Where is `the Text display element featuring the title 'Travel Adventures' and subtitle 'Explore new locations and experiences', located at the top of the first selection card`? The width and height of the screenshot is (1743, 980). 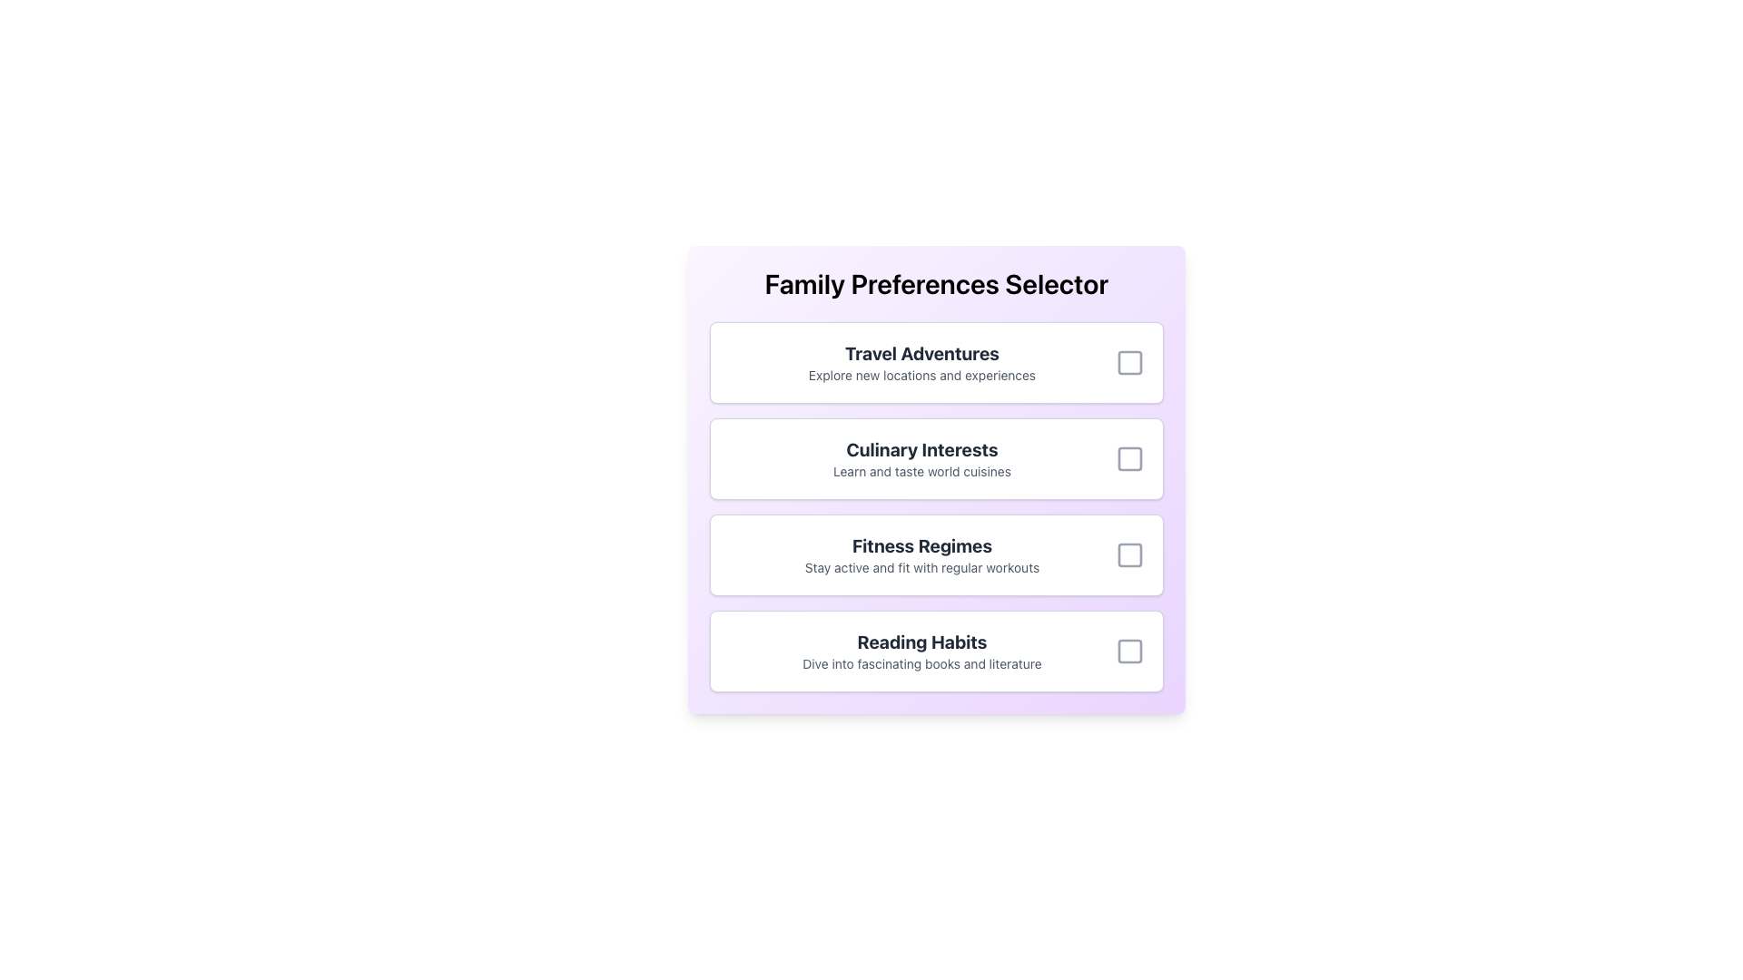 the Text display element featuring the title 'Travel Adventures' and subtitle 'Explore new locations and experiences', located at the top of the first selection card is located at coordinates (922, 363).